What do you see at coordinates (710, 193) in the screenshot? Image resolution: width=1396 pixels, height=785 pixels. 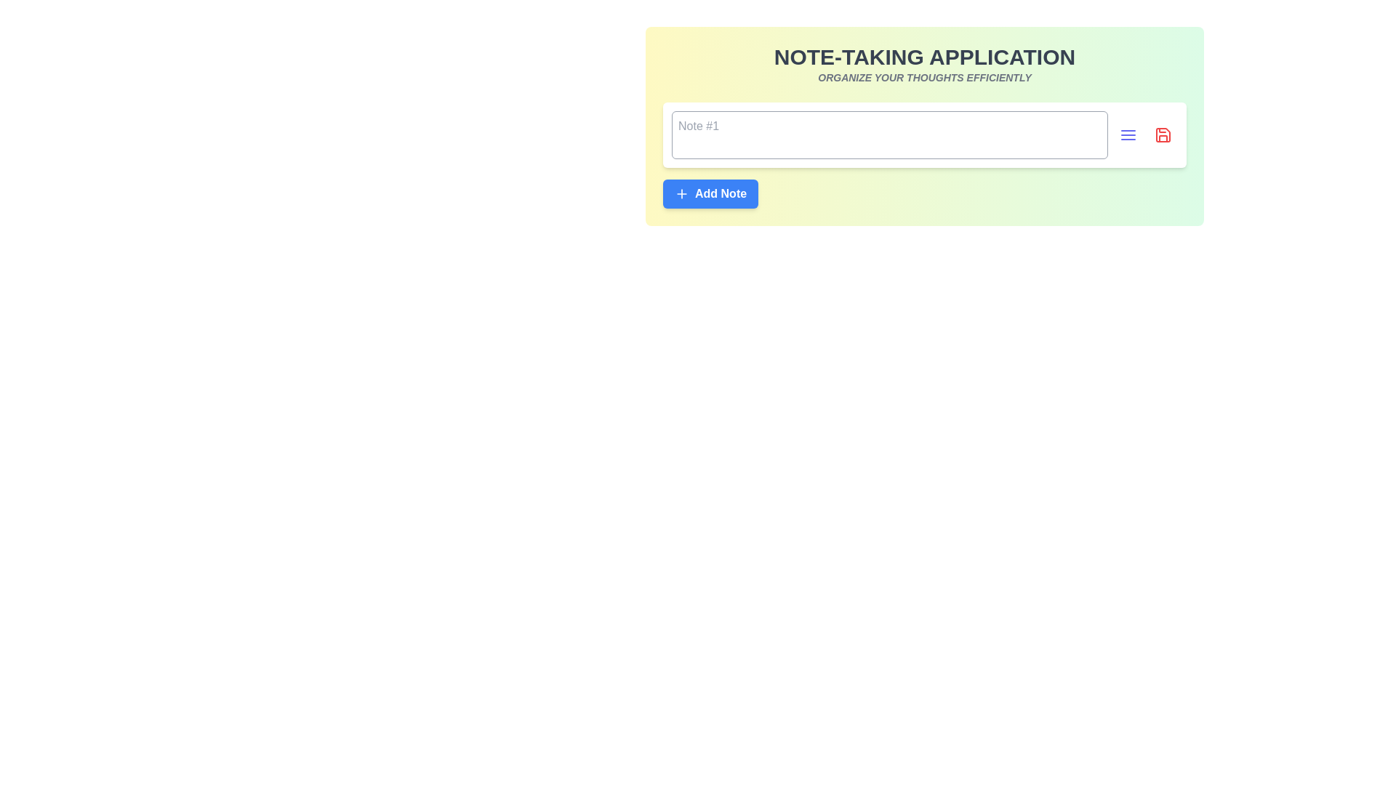 I see `the 'Add Note' button located at the bottom-left of the application interface` at bounding box center [710, 193].